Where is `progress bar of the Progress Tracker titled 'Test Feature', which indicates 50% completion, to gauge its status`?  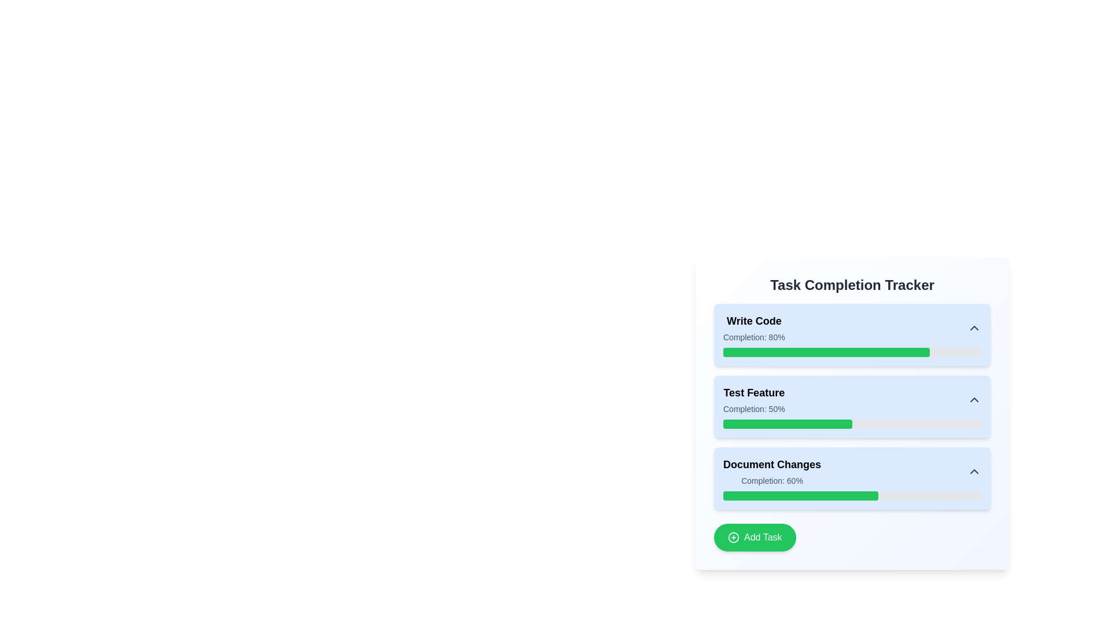 progress bar of the Progress Tracker titled 'Test Feature', which indicates 50% completion, to gauge its status is located at coordinates (852, 406).